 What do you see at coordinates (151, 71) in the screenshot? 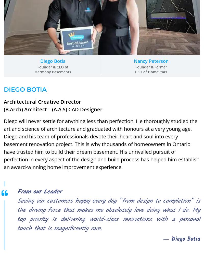
I see `'CEO of HomeStars'` at bounding box center [151, 71].